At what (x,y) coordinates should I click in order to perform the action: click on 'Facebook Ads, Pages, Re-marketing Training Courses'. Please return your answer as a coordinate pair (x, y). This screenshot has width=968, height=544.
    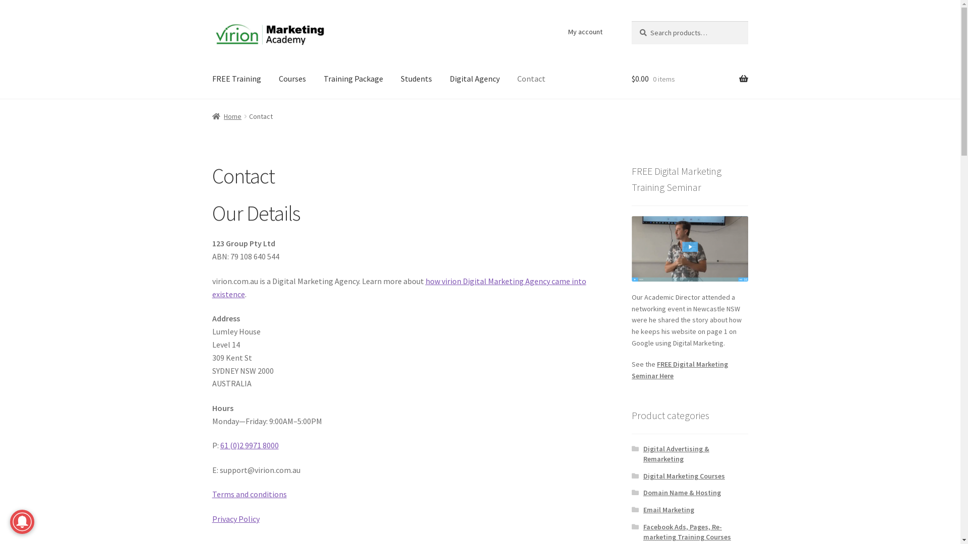
    Looking at the image, I should click on (687, 531).